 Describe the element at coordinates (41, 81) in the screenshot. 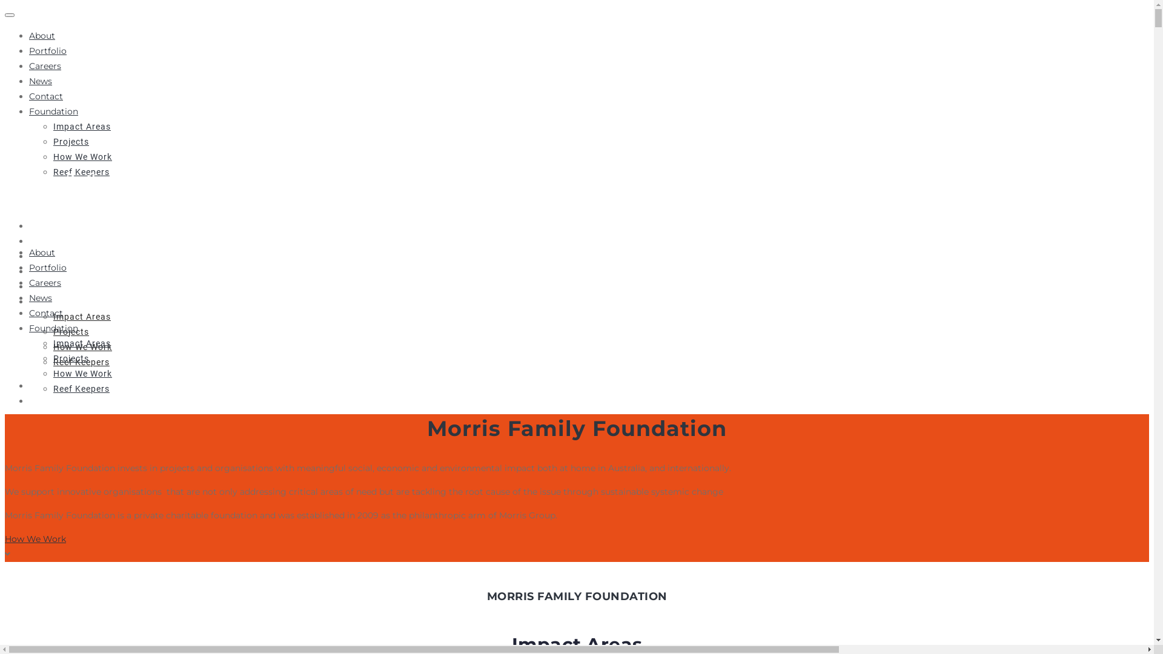

I see `'News'` at that location.